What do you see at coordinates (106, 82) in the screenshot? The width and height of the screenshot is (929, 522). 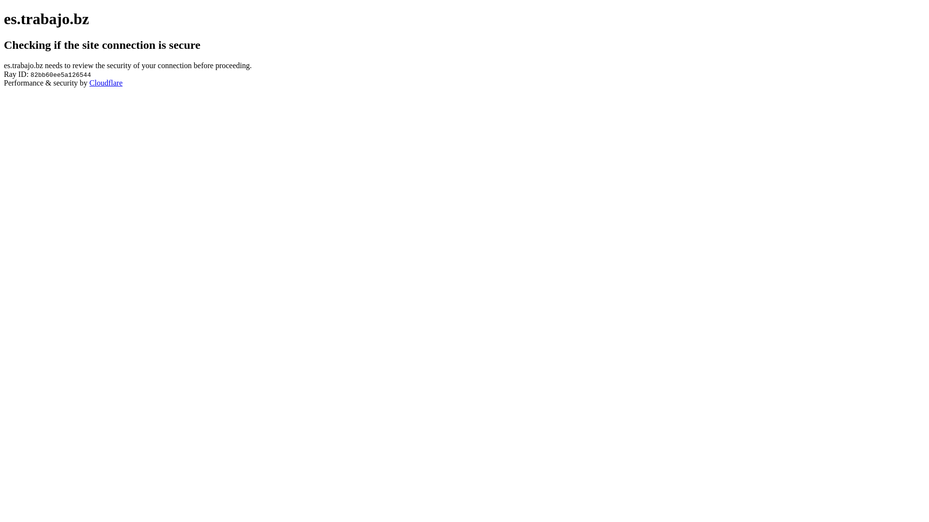 I see `'Cloudflare'` at bounding box center [106, 82].